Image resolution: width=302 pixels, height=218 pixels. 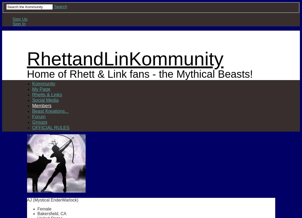 I want to click on 'My Page', so click(x=41, y=89).